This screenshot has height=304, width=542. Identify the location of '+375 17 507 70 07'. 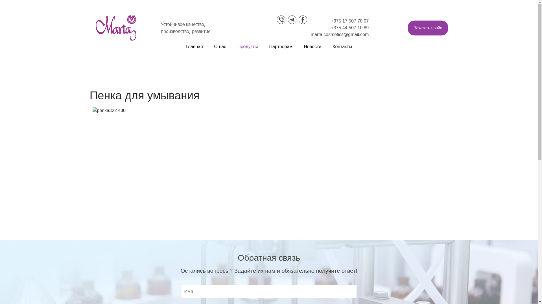
(349, 21).